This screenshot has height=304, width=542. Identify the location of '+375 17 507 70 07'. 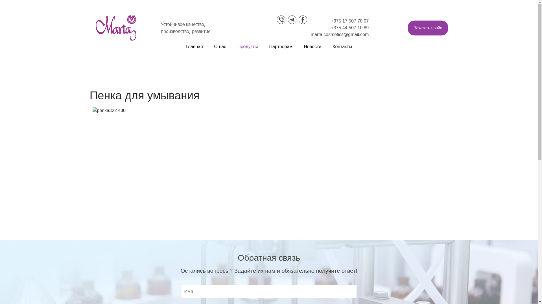
(349, 21).